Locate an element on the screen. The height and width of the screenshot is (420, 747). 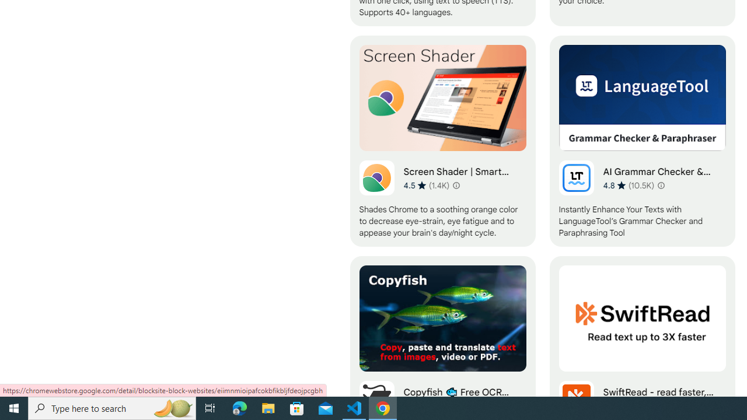
'Average rating 4.5 out of 5 stars. 1.4K ratings.' is located at coordinates (425, 184).